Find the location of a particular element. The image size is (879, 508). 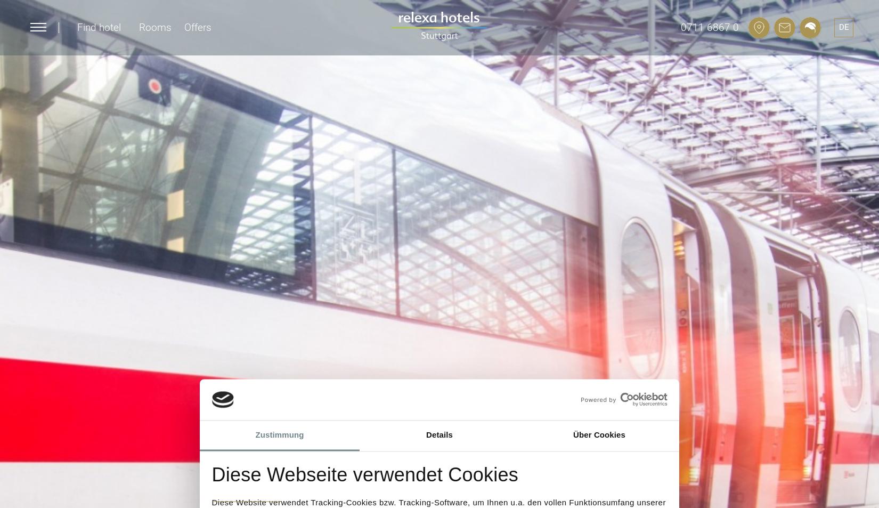

'de' is located at coordinates (843, 26).